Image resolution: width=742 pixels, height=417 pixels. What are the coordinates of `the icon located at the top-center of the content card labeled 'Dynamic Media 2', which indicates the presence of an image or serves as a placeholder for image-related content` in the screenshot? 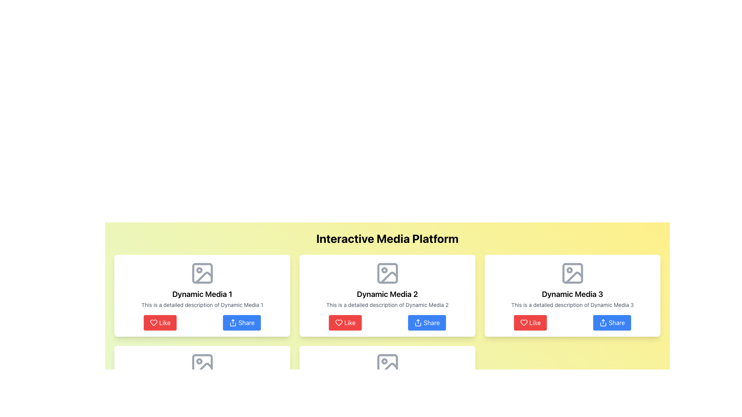 It's located at (387, 273).